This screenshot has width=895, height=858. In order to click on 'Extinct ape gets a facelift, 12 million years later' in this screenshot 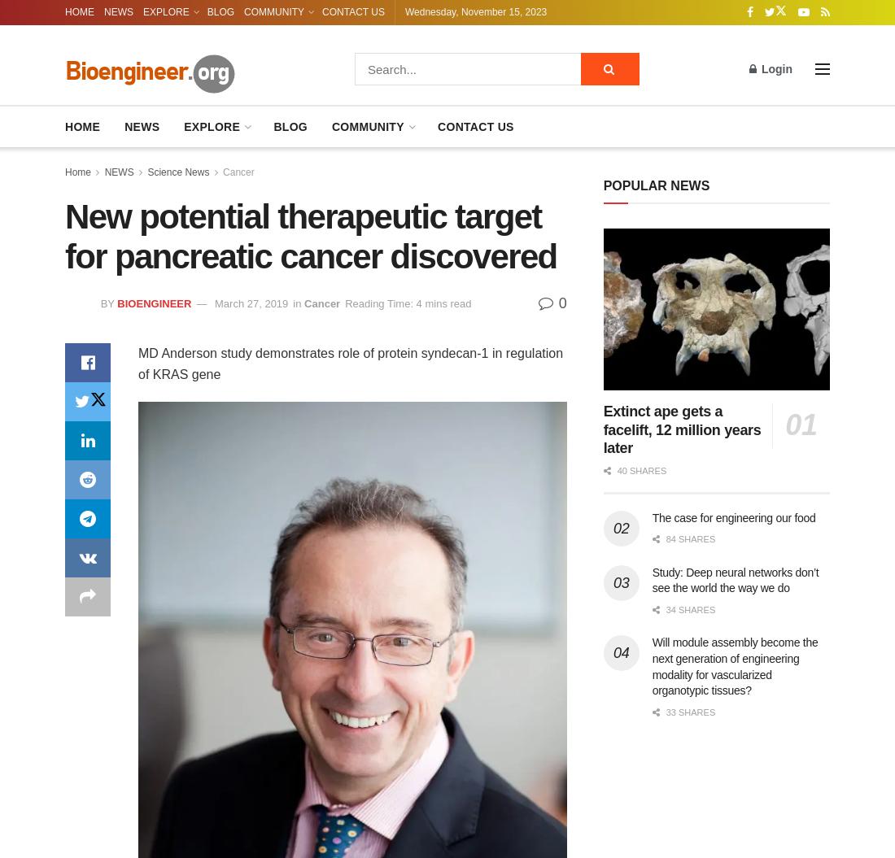, I will do `click(680, 429)`.